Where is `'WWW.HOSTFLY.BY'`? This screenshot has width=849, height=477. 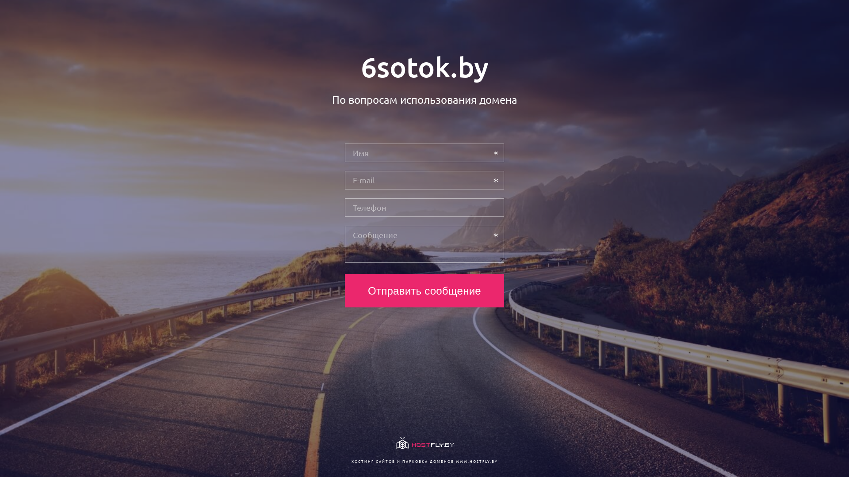
'WWW.HOSTFLY.BY' is located at coordinates (476, 461).